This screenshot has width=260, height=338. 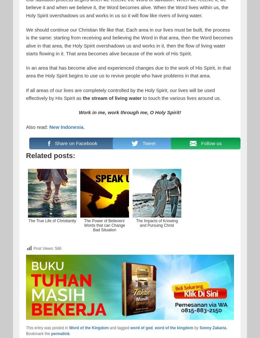 I want to click on 'by', so click(x=196, y=327).